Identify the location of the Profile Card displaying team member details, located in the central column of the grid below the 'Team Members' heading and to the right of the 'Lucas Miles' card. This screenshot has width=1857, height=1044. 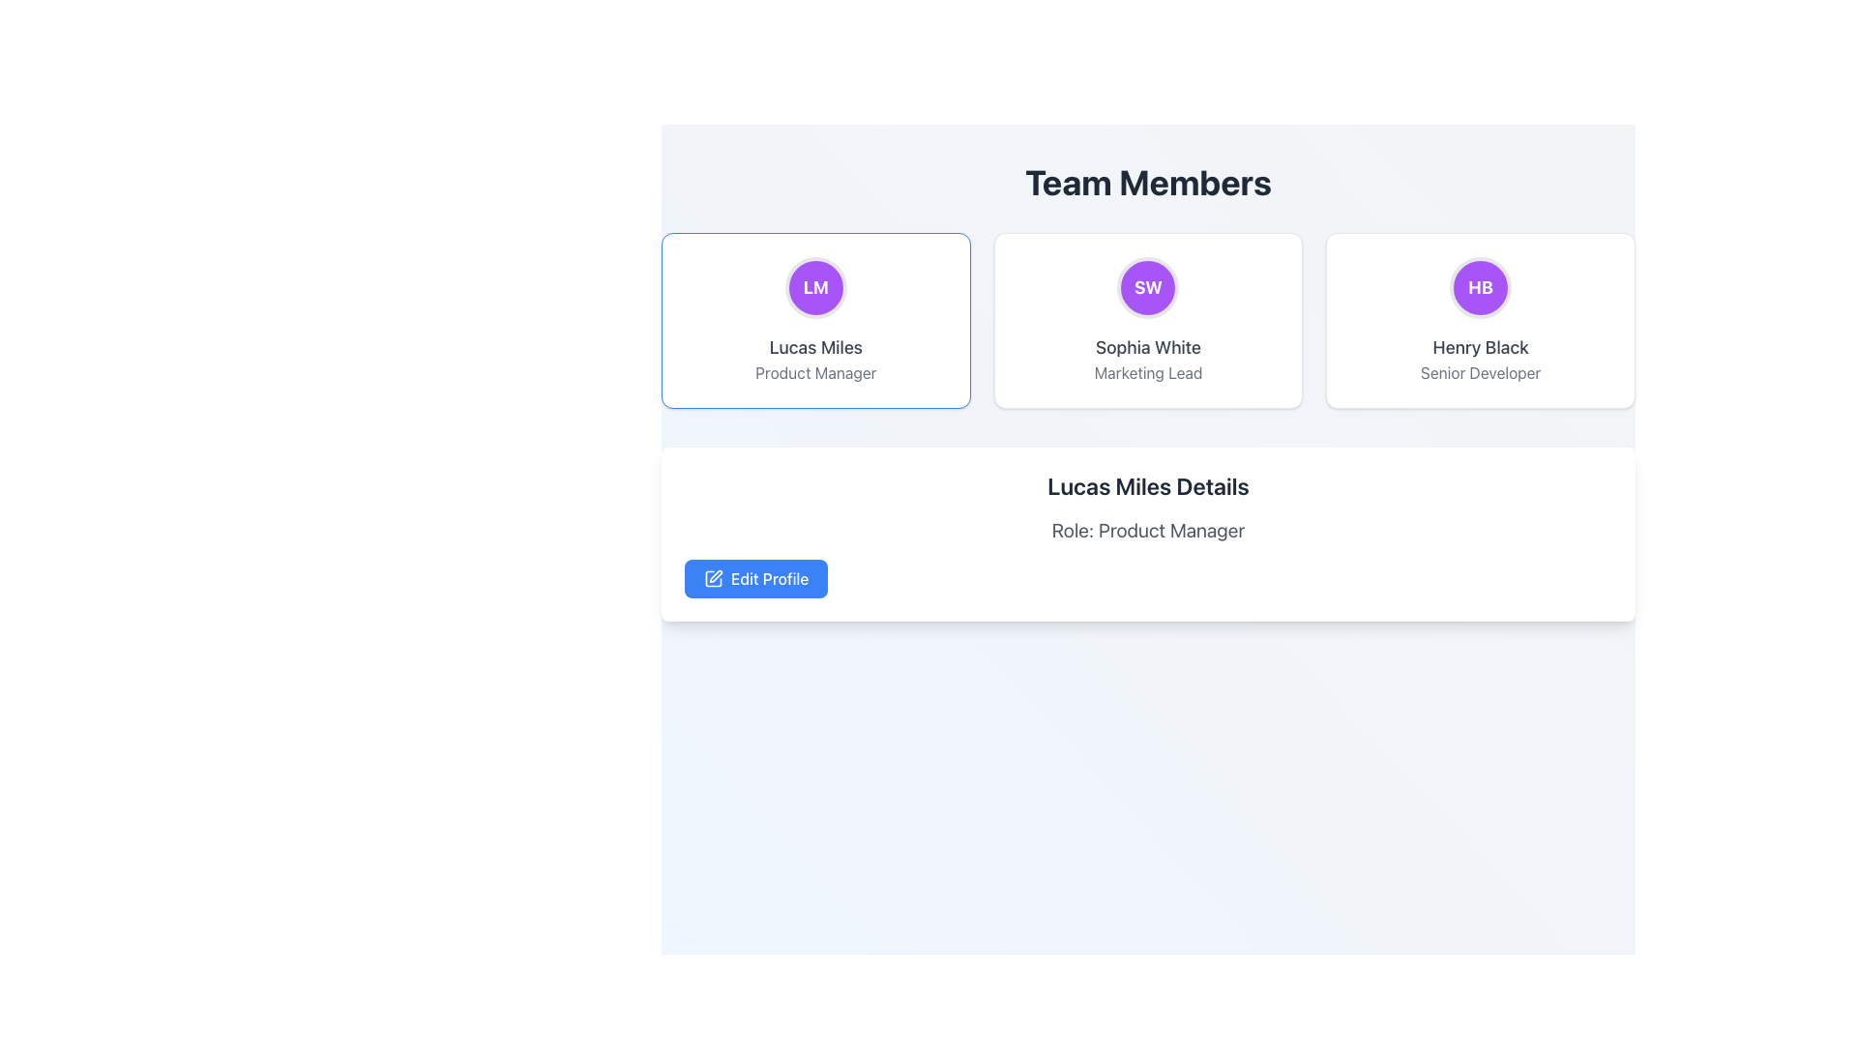
(1148, 319).